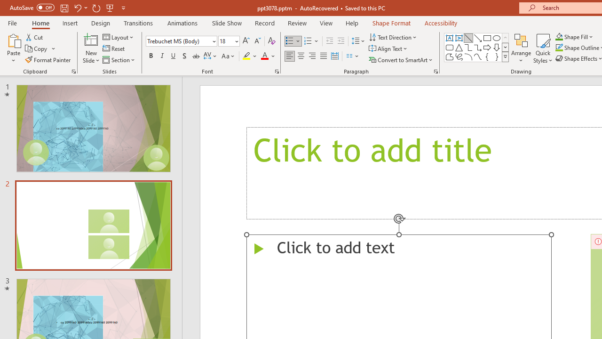 The height and width of the screenshot is (339, 602). I want to click on 'Quick Styles', so click(543, 48).